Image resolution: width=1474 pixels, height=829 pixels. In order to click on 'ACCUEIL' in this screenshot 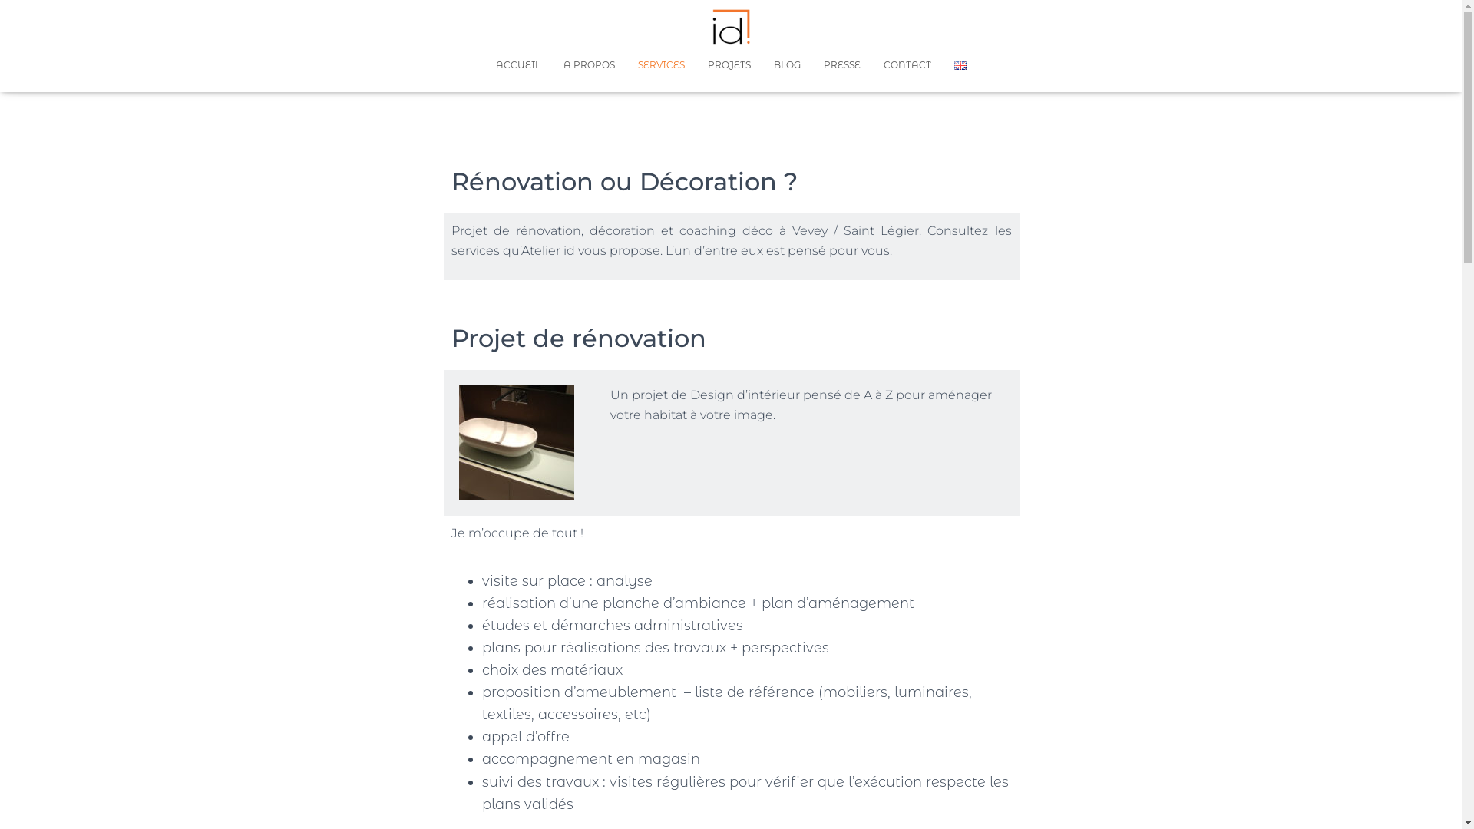, I will do `click(518, 64)`.